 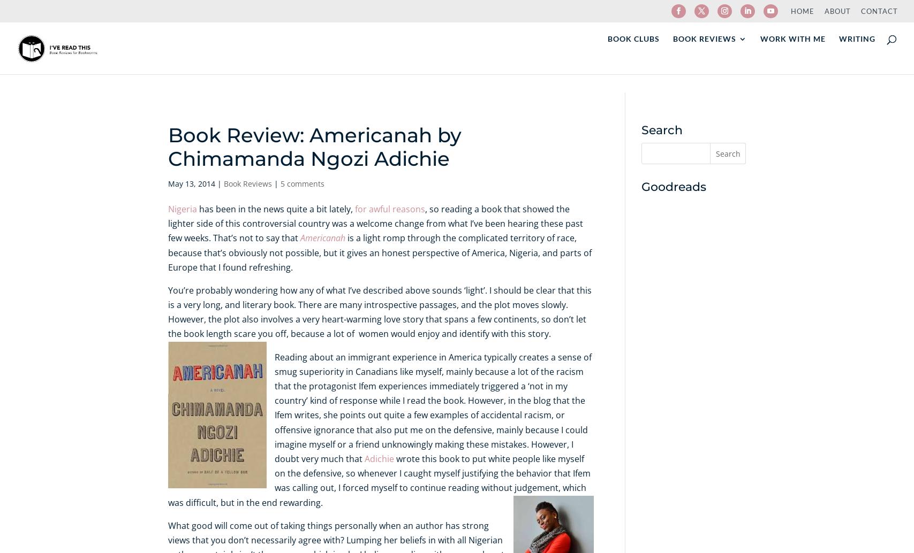 What do you see at coordinates (197, 208) in the screenshot?
I see `'has been in the news quite a bit lately,'` at bounding box center [197, 208].